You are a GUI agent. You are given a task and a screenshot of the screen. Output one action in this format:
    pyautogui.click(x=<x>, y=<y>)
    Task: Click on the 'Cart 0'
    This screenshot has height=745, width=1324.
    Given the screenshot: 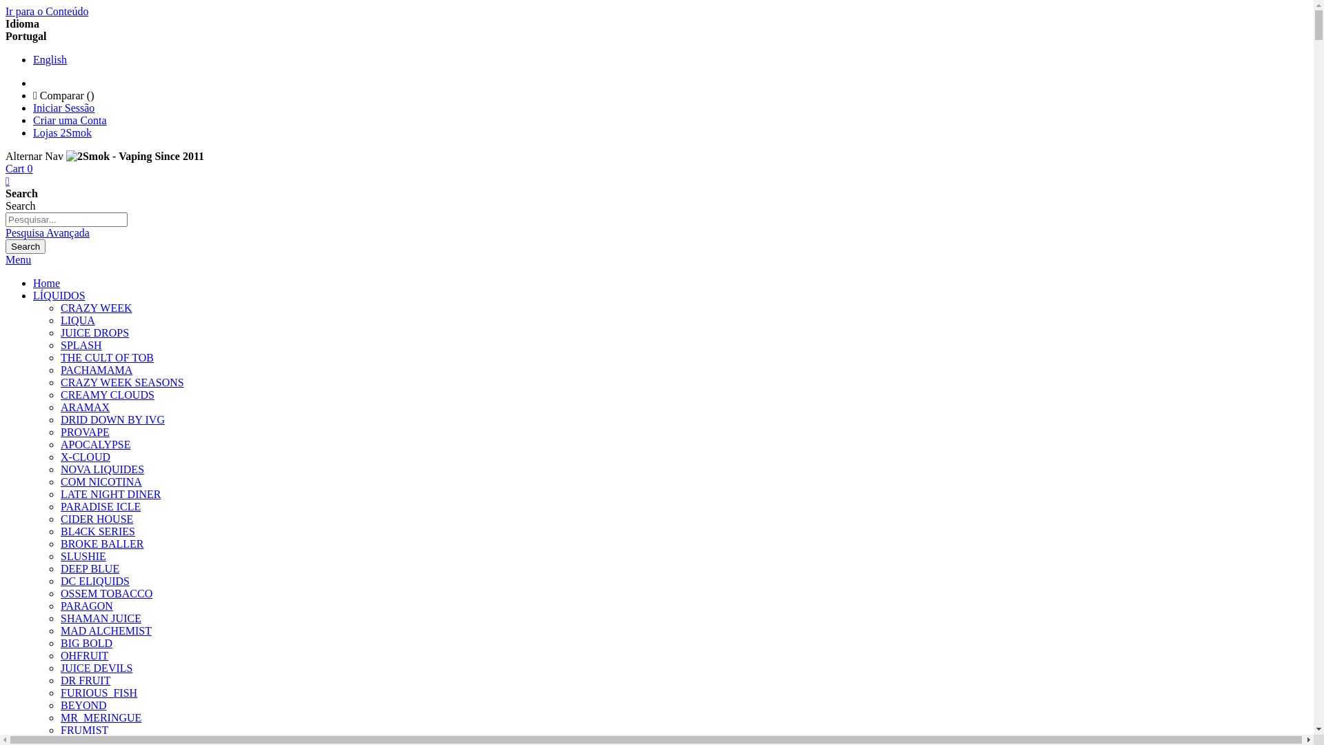 What is the action you would take?
    pyautogui.click(x=19, y=168)
    